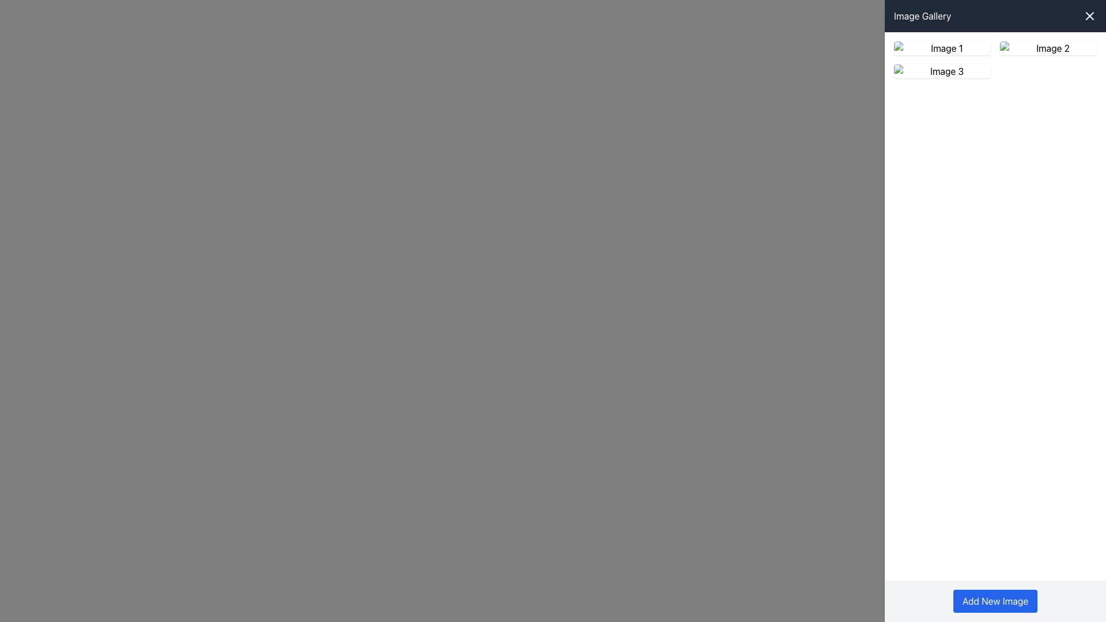 The width and height of the screenshot is (1106, 622). Describe the element at coordinates (1048, 48) in the screenshot. I see `the image placeholder identified by its alternative text 'Image 2' located at the top right corner of the image gallery` at that location.